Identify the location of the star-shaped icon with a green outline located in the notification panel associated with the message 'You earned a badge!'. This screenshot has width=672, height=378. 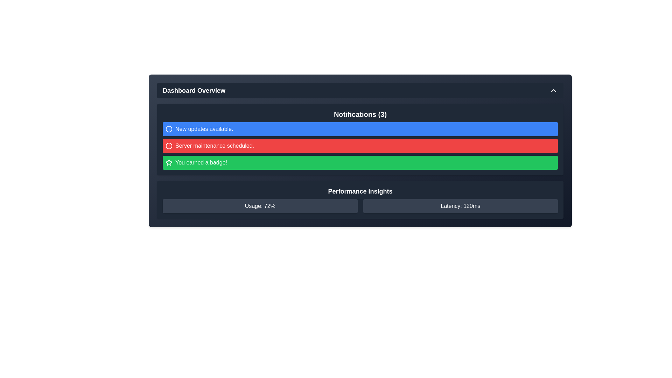
(169, 162).